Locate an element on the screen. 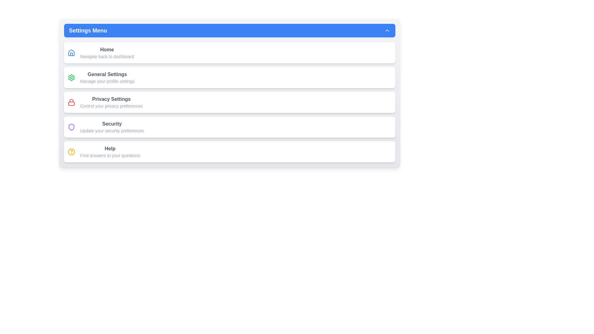 The height and width of the screenshot is (334, 594). the house-shaped icon representing the 'Home' menu item in the sidebar under 'Settings Menu' is located at coordinates (71, 52).